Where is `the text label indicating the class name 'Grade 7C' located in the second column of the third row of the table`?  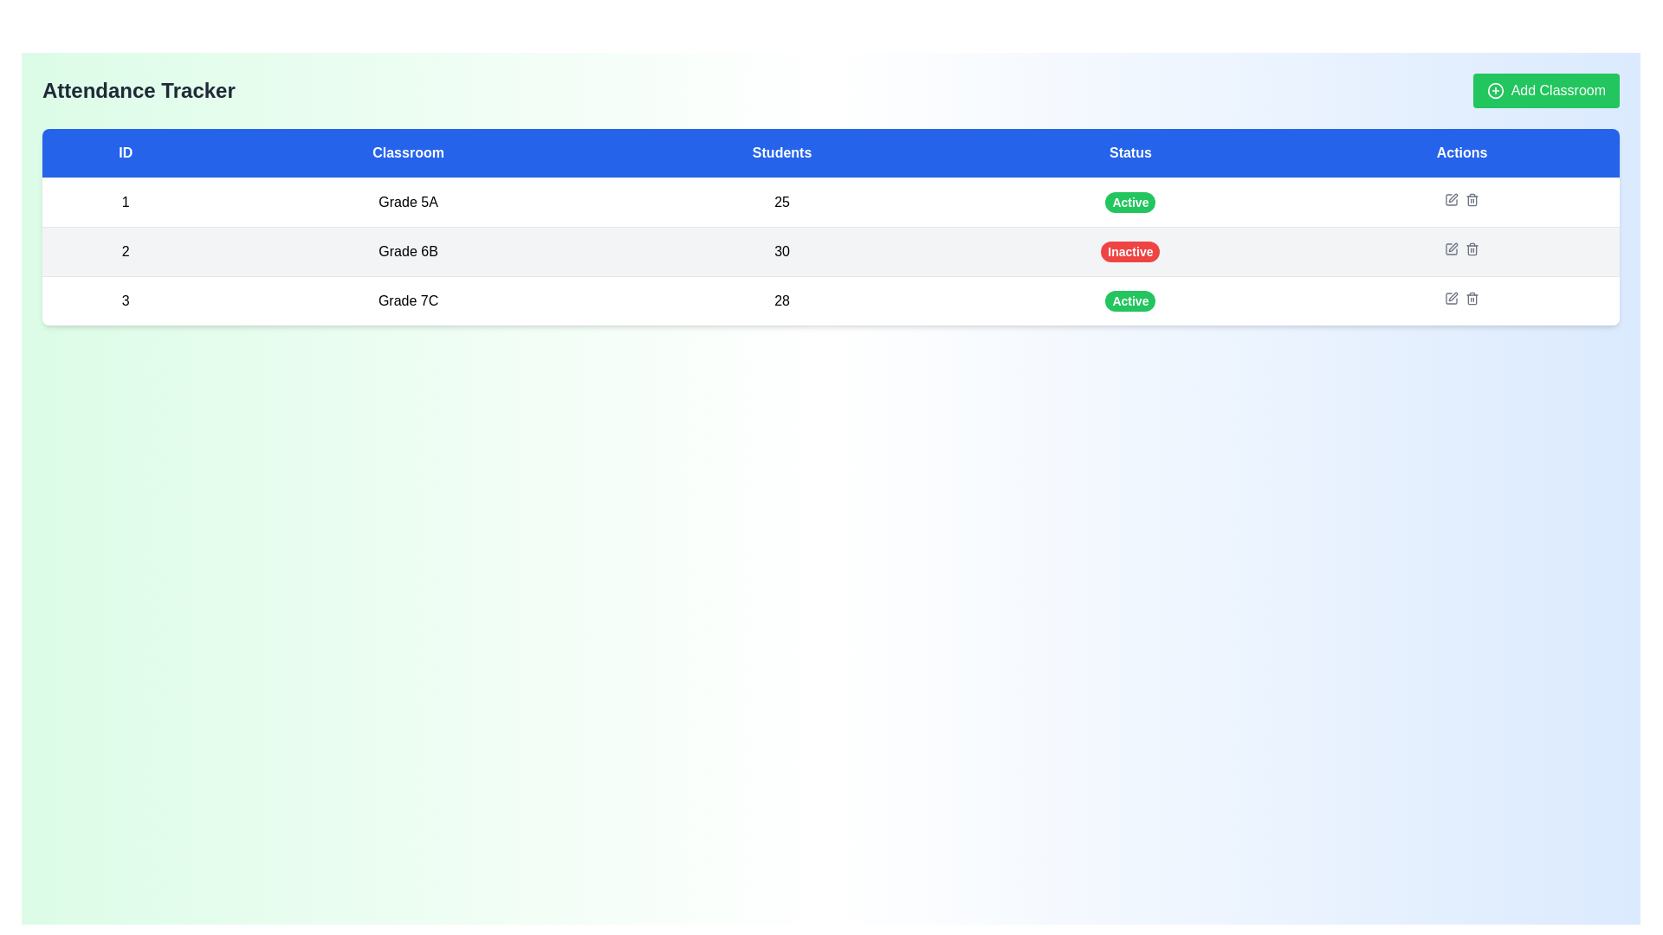
the text label indicating the class name 'Grade 7C' located in the second column of the third row of the table is located at coordinates (407, 300).